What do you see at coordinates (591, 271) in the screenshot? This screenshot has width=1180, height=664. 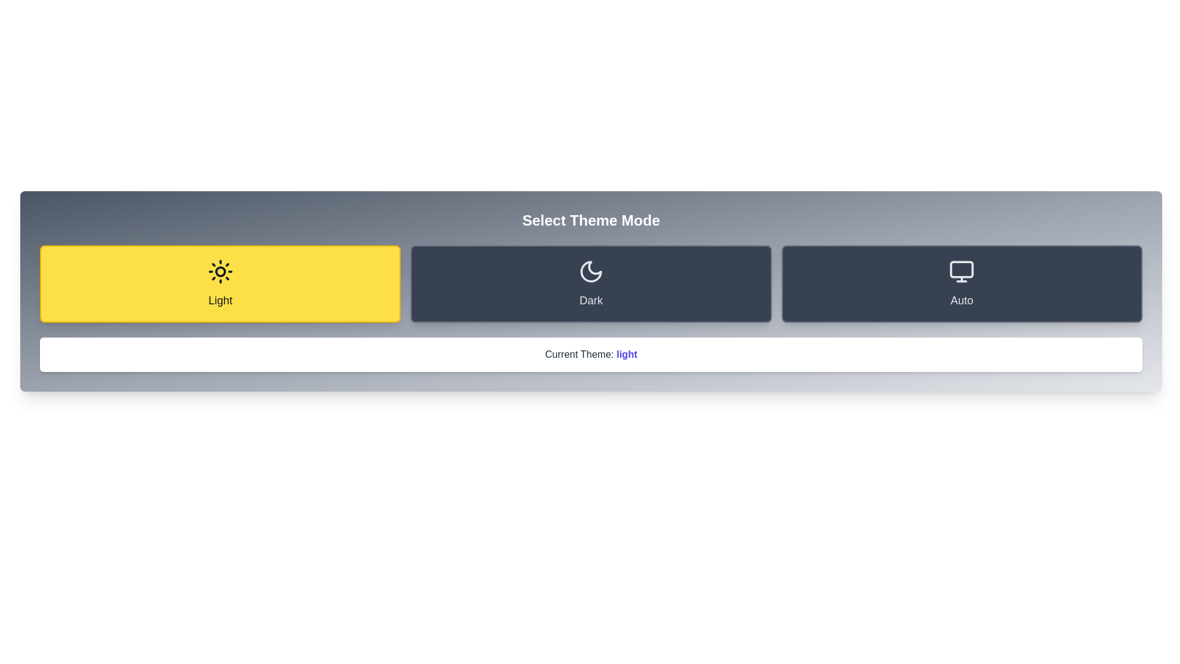 I see `the dark mode selection SVG icon located at the top center of the 'Dark' card in the theme selector interface` at bounding box center [591, 271].